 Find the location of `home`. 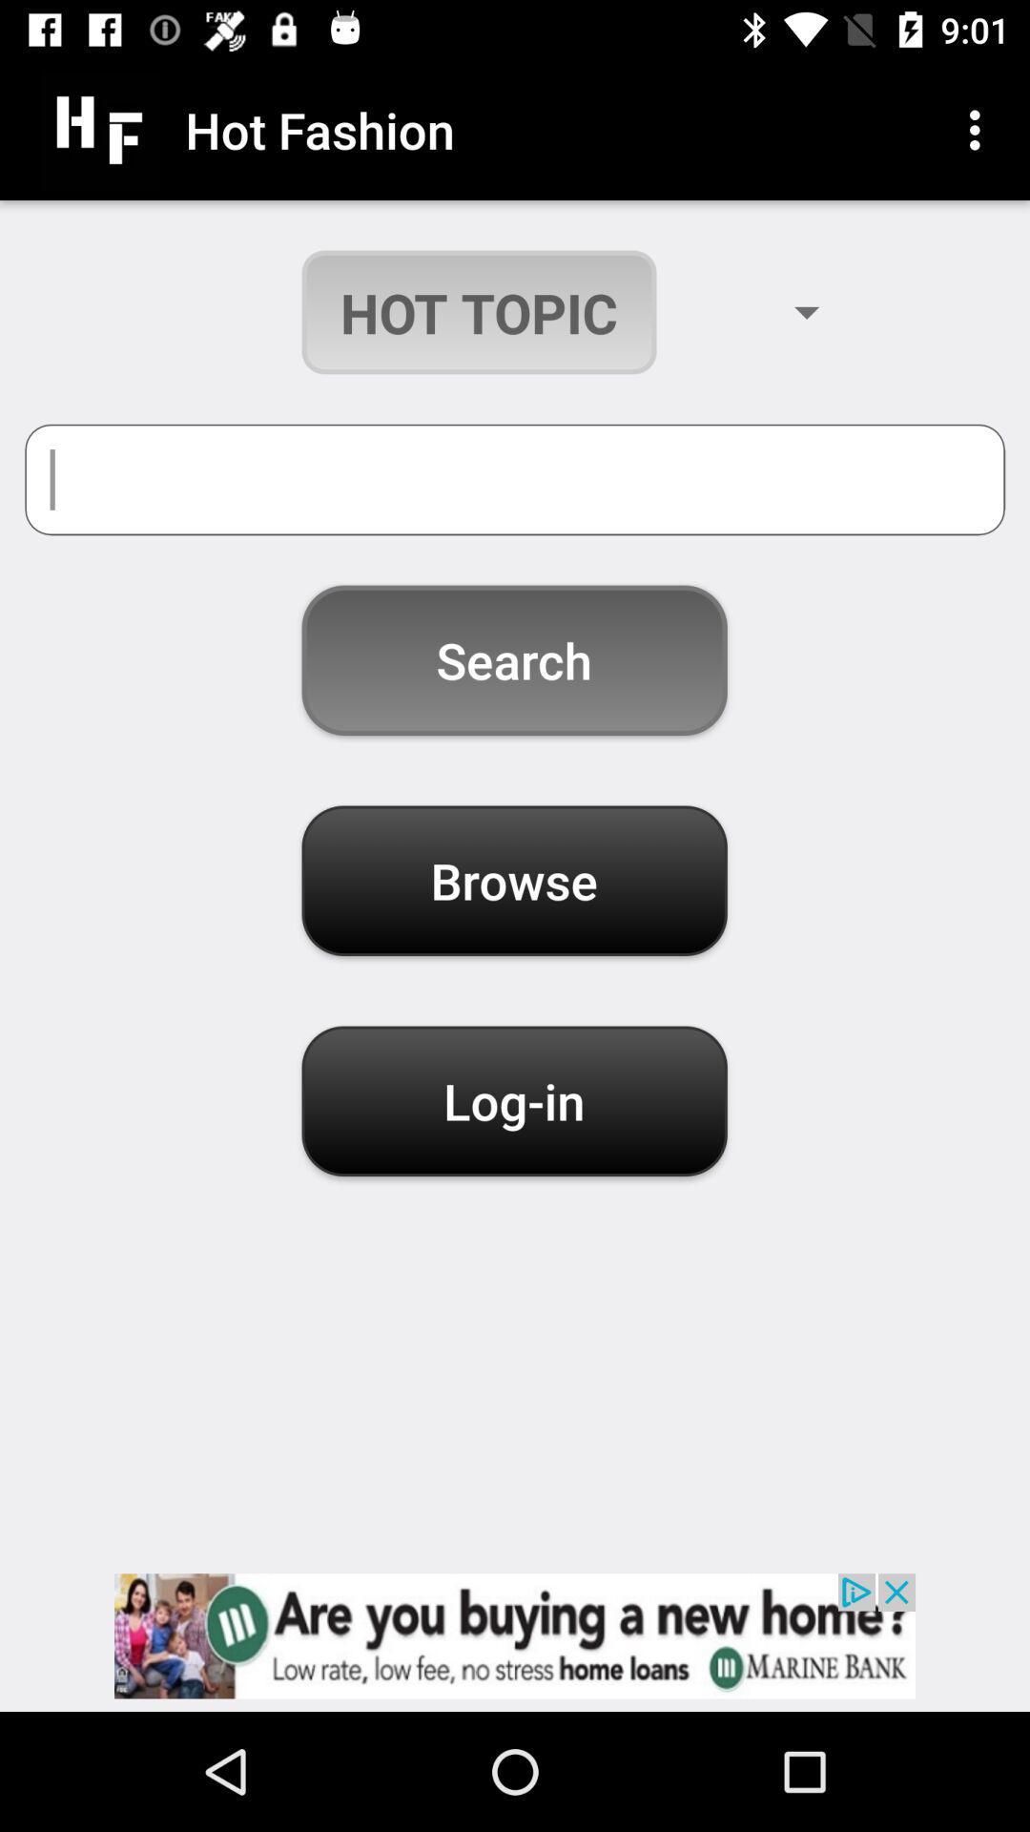

home is located at coordinates (515, 1634).